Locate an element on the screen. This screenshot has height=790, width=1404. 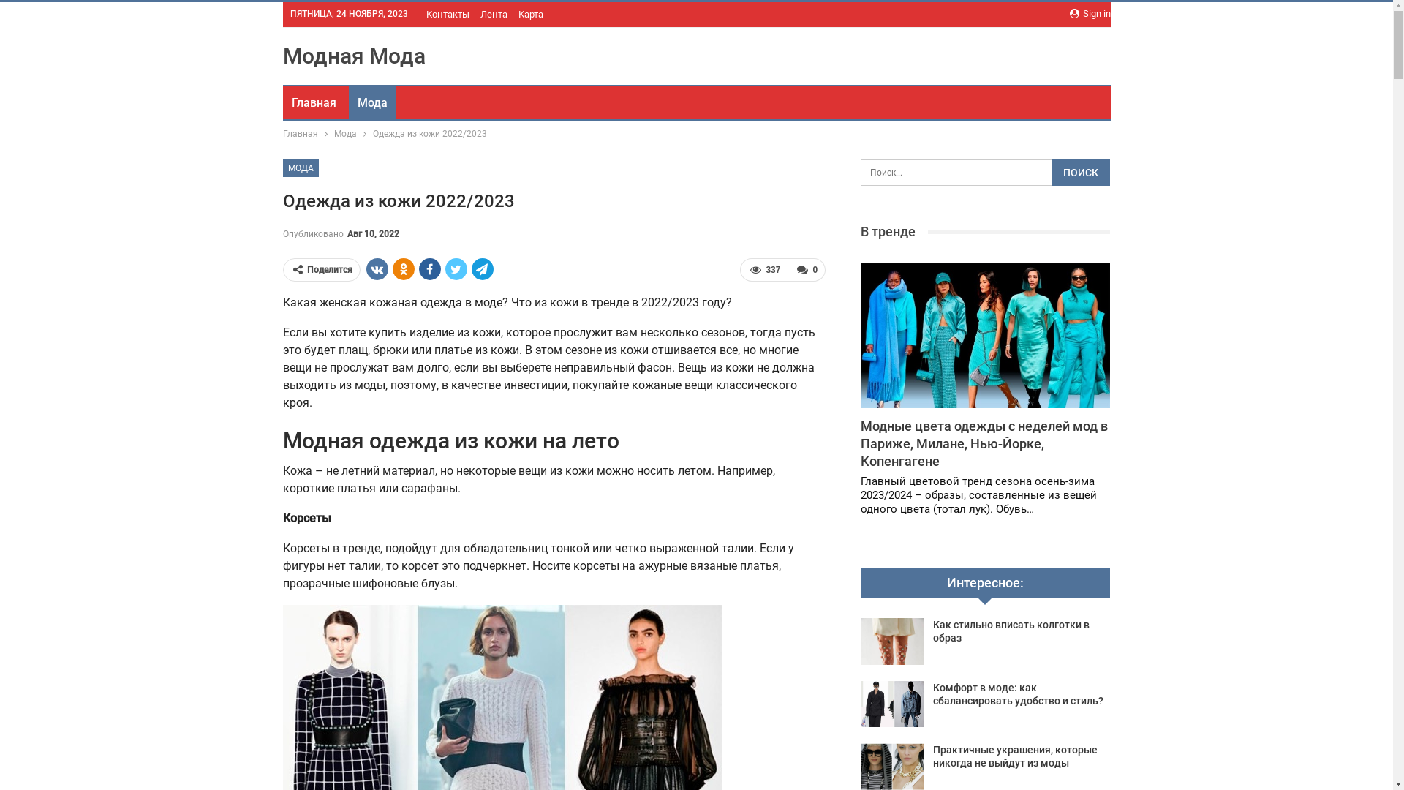
'Sign in' is located at coordinates (1089, 14).